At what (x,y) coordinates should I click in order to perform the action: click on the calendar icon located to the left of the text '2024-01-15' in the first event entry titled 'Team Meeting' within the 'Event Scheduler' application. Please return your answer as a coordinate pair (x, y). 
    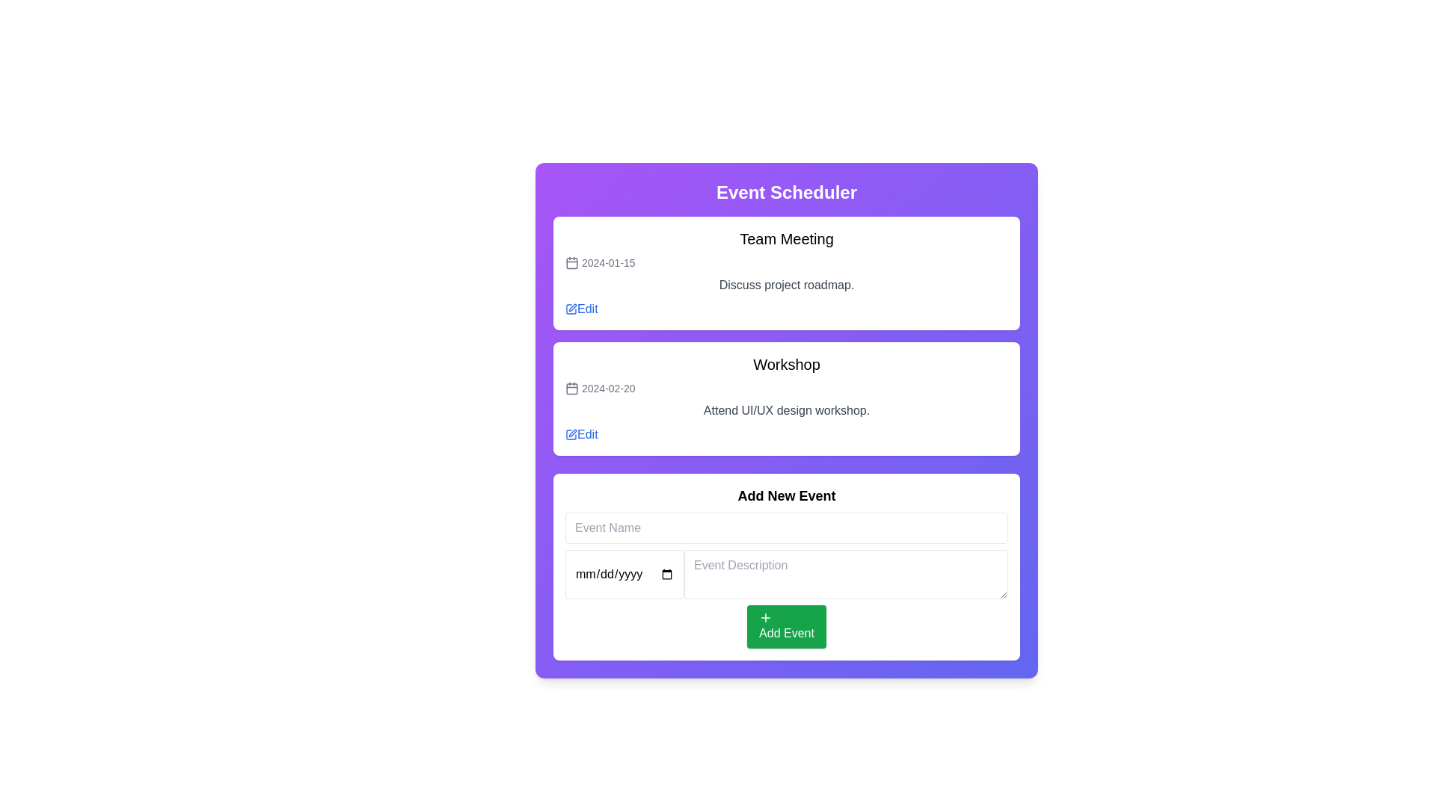
    Looking at the image, I should click on (571, 262).